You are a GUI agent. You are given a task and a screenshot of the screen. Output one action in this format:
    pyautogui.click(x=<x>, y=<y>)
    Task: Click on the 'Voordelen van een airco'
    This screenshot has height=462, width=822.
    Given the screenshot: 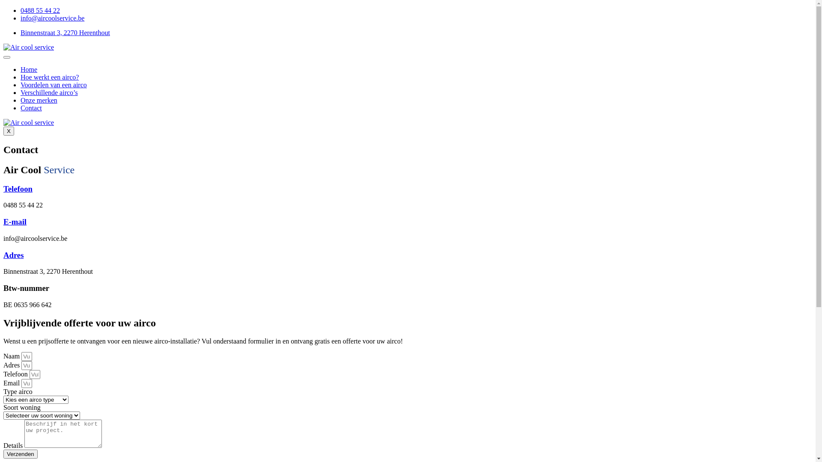 What is the action you would take?
    pyautogui.click(x=53, y=85)
    